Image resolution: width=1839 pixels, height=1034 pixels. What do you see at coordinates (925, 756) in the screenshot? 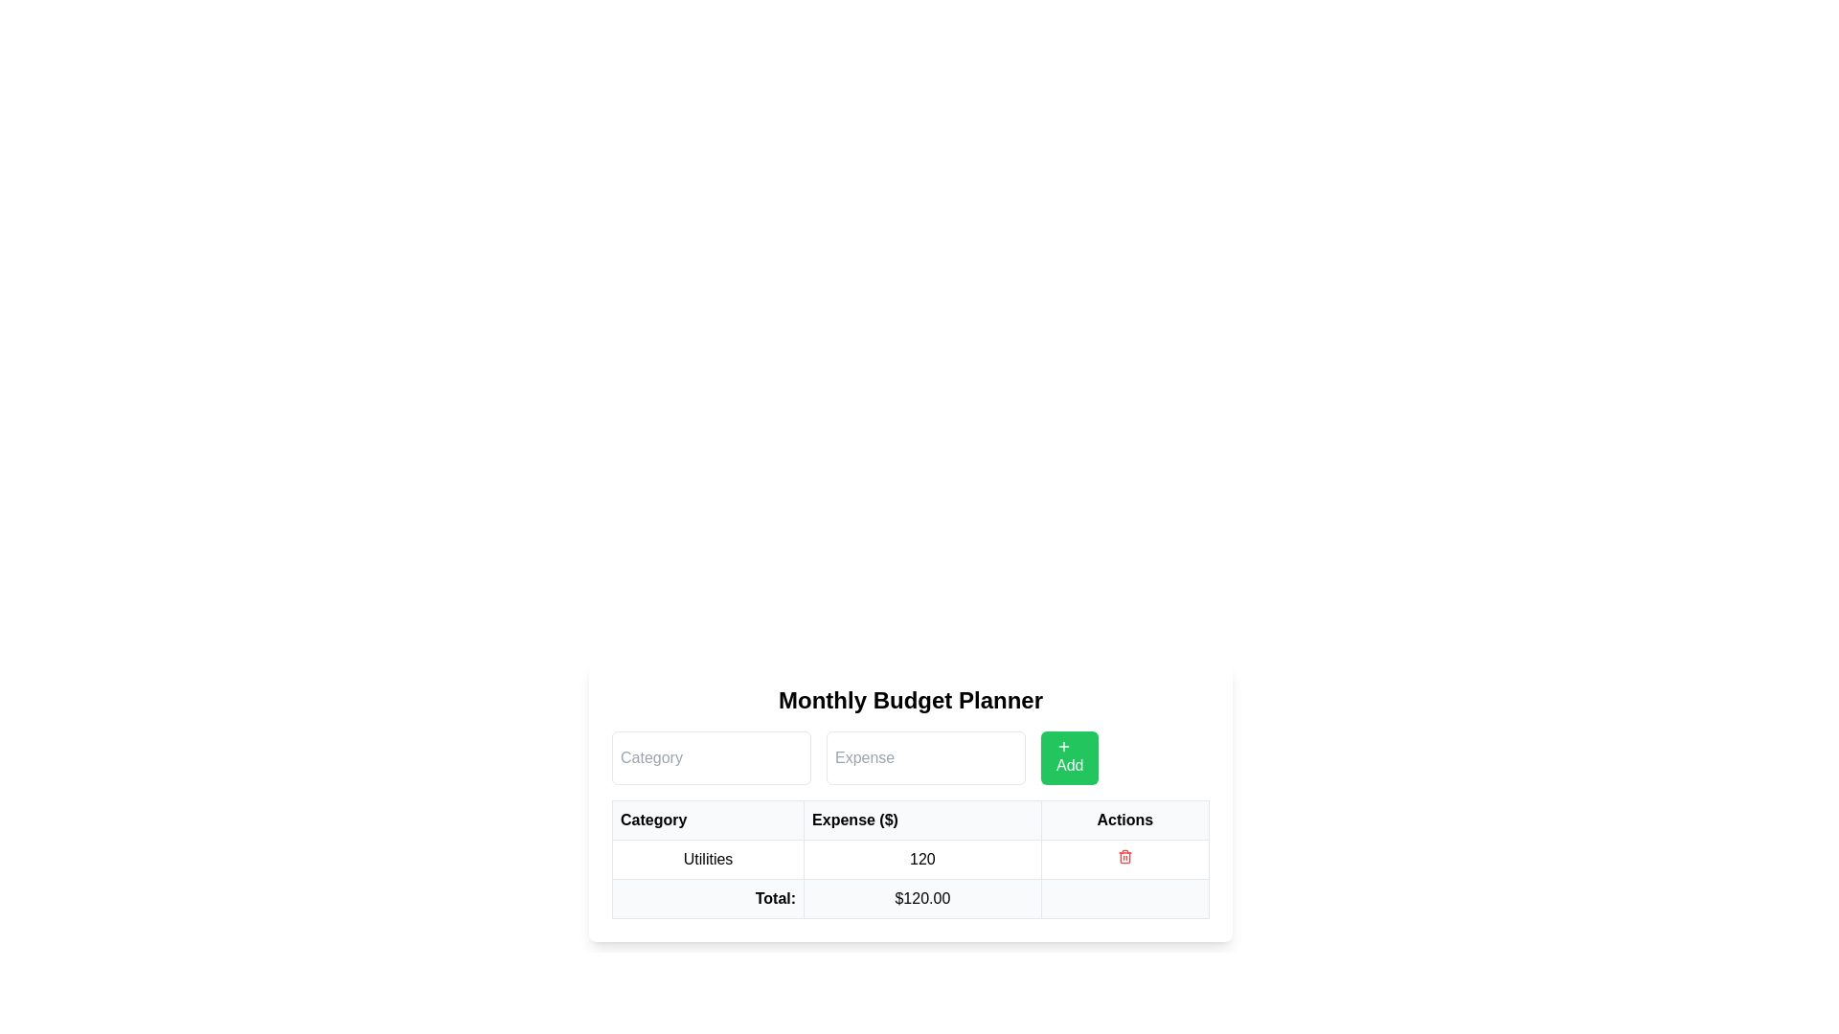
I see `the numeric input field for expenses by tabbing from the previous input field labeled 'Category'` at bounding box center [925, 756].